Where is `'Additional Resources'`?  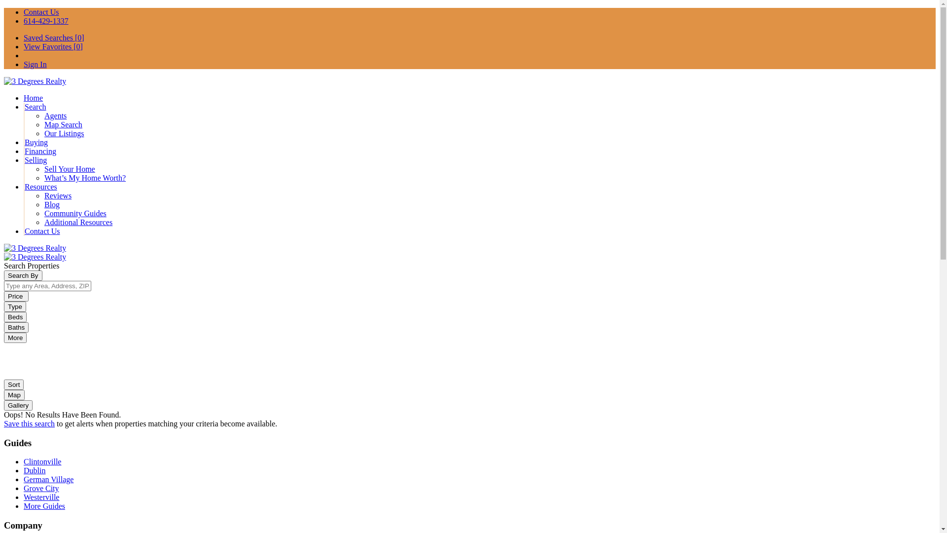
'Additional Resources' is located at coordinates (77, 222).